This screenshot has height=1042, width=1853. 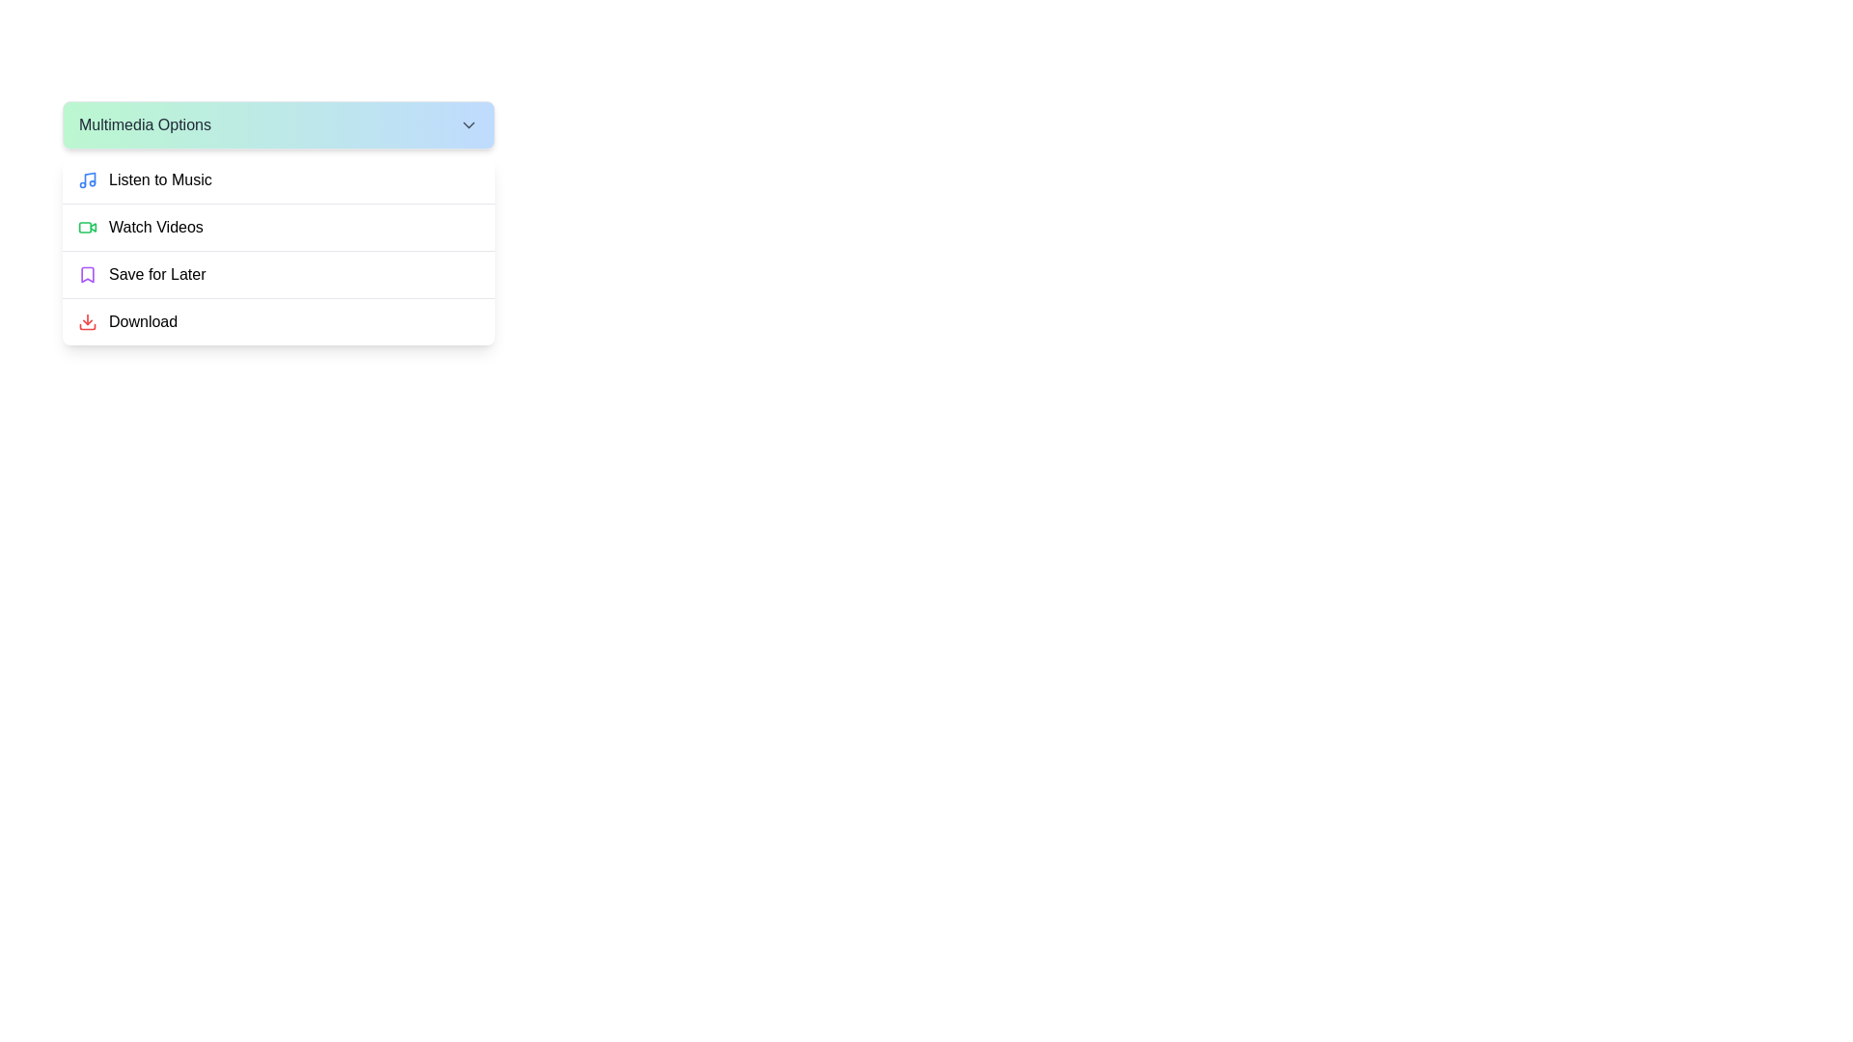 What do you see at coordinates (277, 179) in the screenshot?
I see `the 'Listen to Music' menu item, which is the first item in the 'Multimedia Options' dropdown list` at bounding box center [277, 179].